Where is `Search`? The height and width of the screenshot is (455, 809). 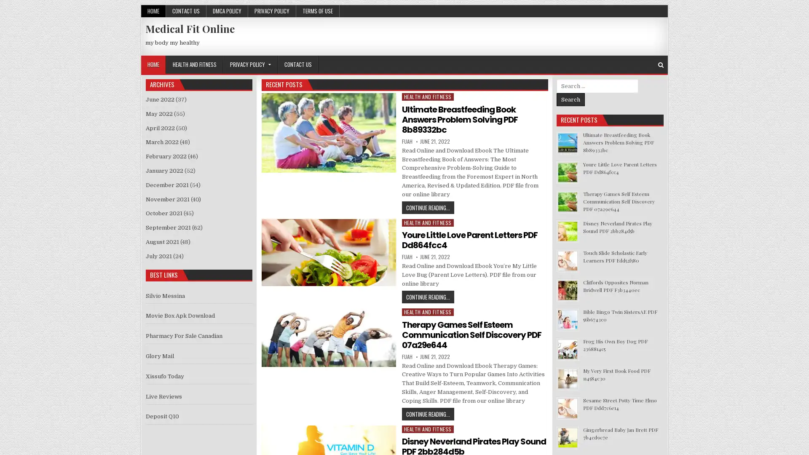 Search is located at coordinates (571, 99).